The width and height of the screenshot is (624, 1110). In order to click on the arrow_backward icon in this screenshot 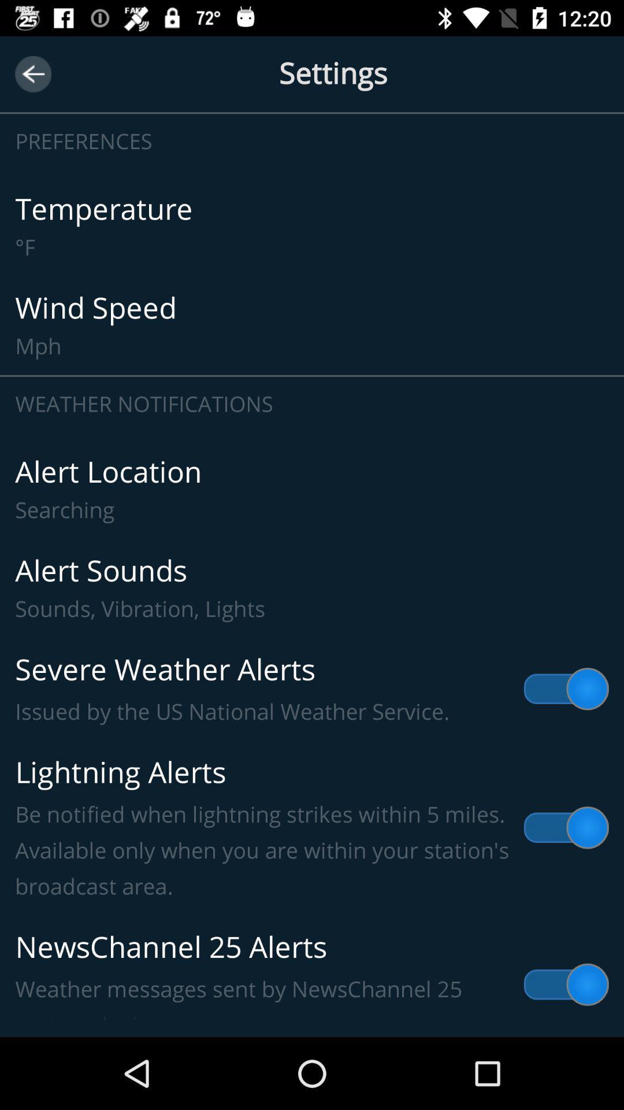, I will do `click(32, 73)`.